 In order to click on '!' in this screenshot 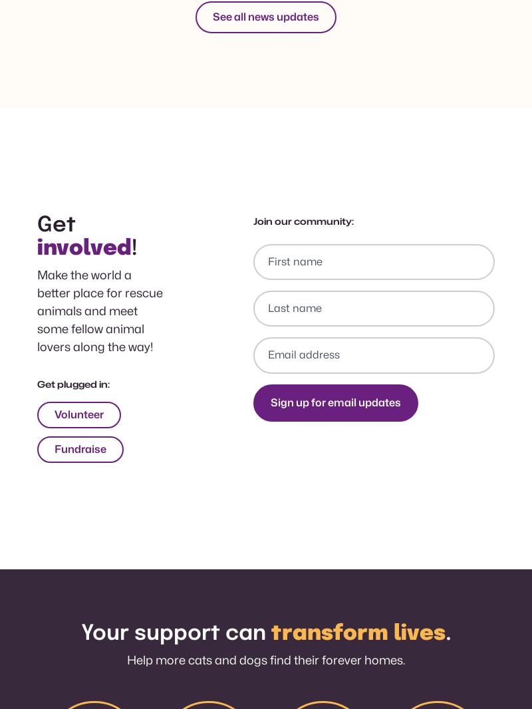, I will do `click(135, 248)`.